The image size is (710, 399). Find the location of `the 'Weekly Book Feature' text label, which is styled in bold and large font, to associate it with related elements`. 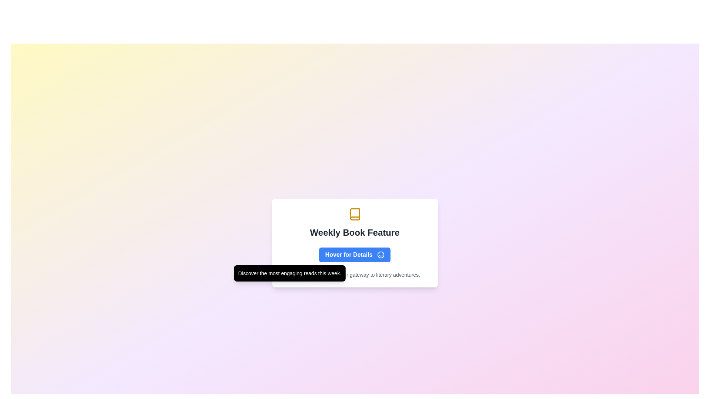

the 'Weekly Book Feature' text label, which is styled in bold and large font, to associate it with related elements is located at coordinates (354, 232).